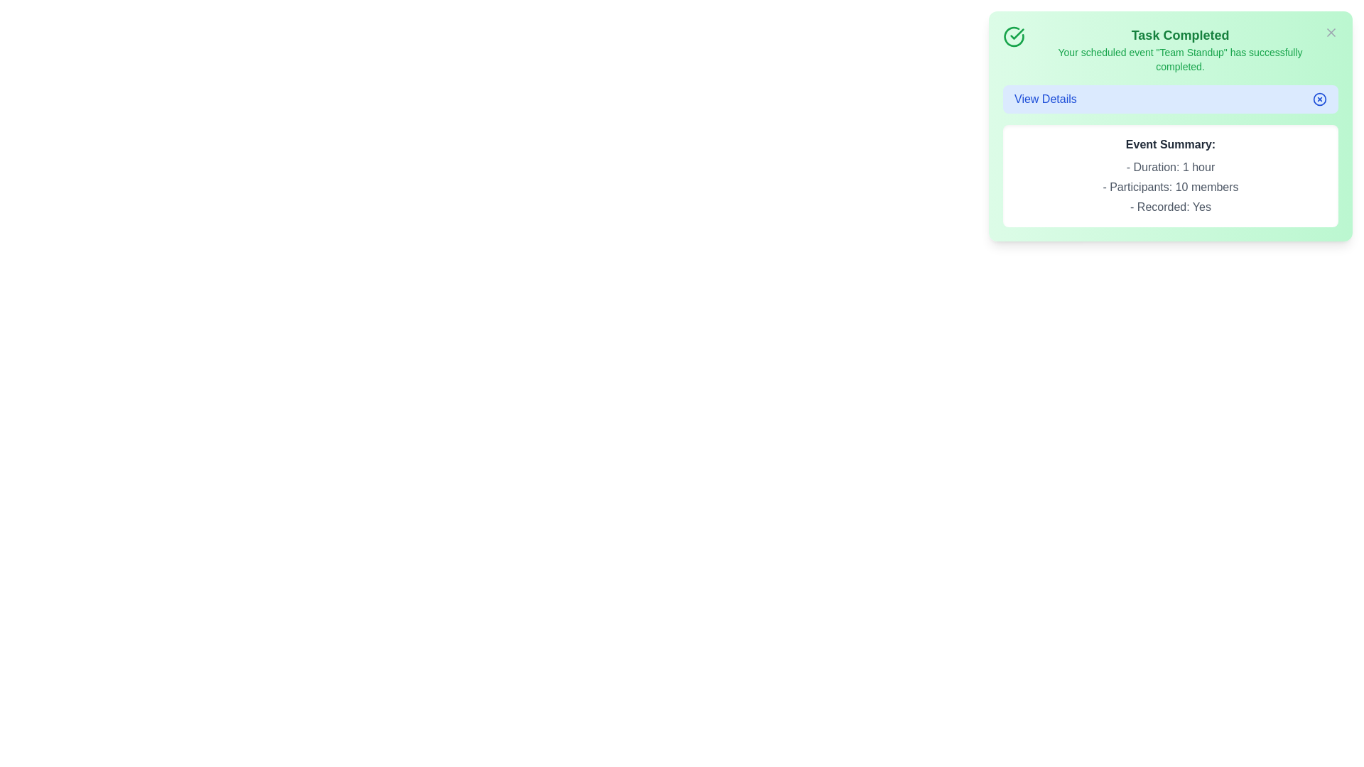 The width and height of the screenshot is (1364, 767). What do you see at coordinates (1319, 98) in the screenshot?
I see `the expand/collapse button to toggle the event details` at bounding box center [1319, 98].